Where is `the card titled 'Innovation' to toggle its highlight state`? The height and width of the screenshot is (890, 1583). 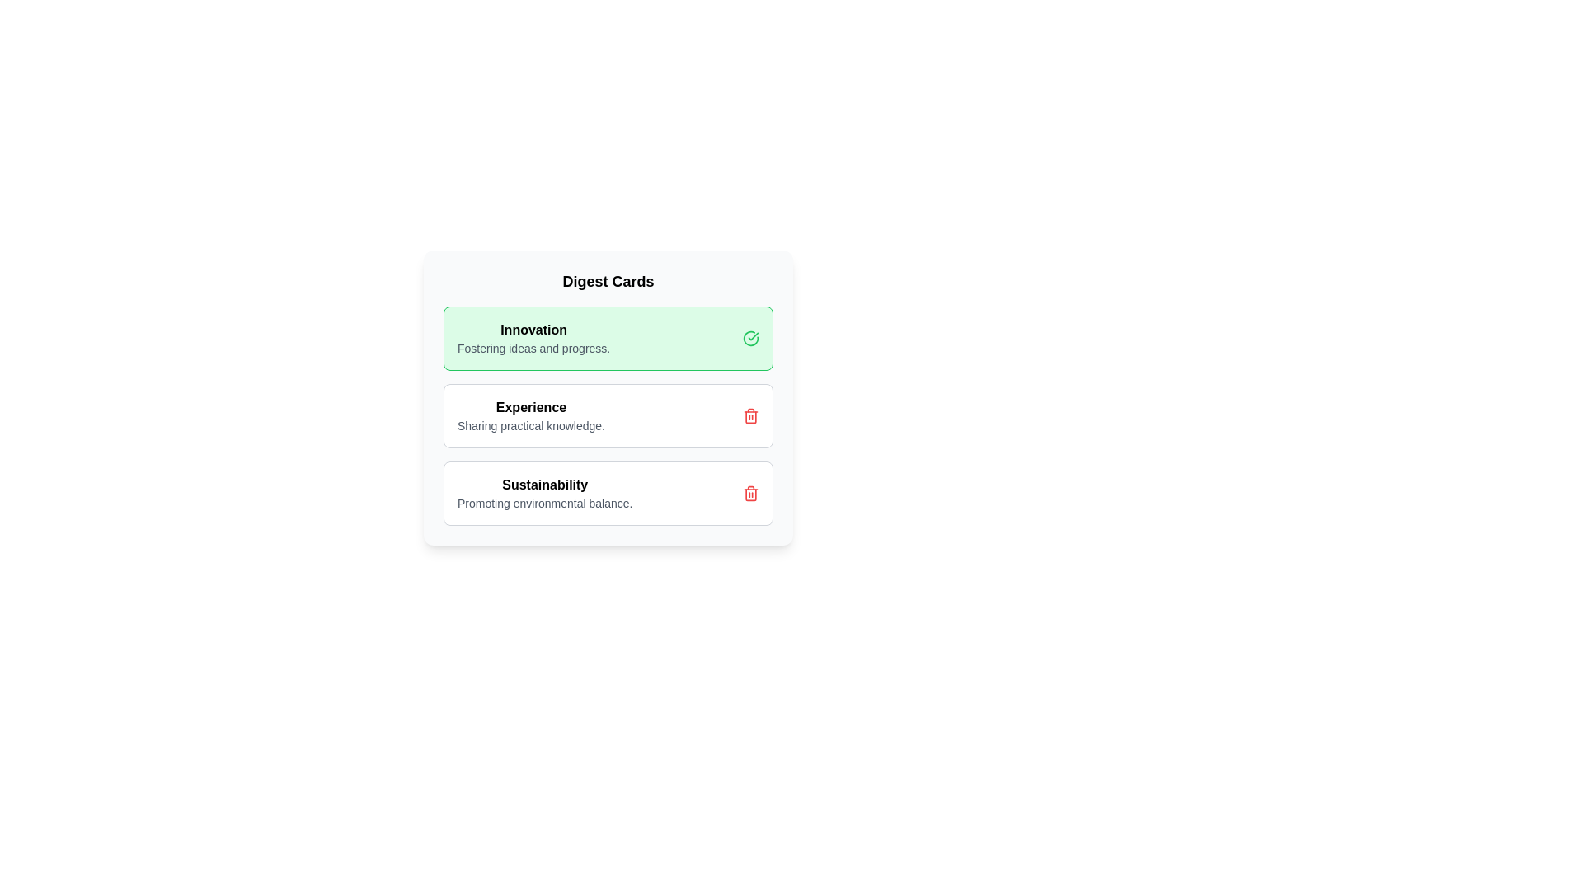
the card titled 'Innovation' to toggle its highlight state is located at coordinates (608, 338).